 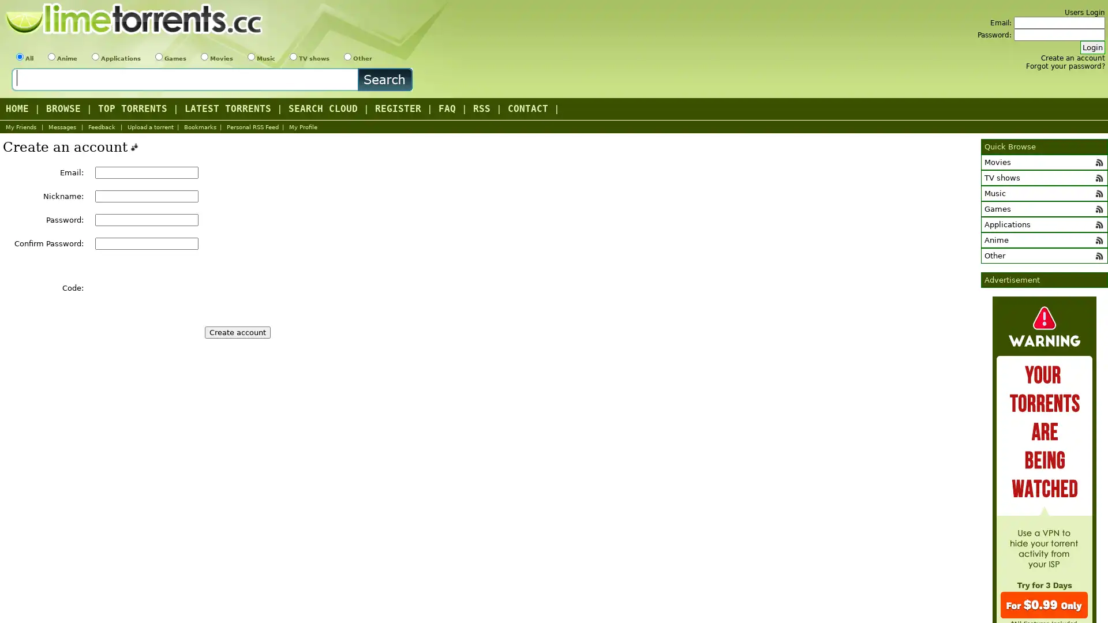 What do you see at coordinates (1092, 47) in the screenshot?
I see `Login` at bounding box center [1092, 47].